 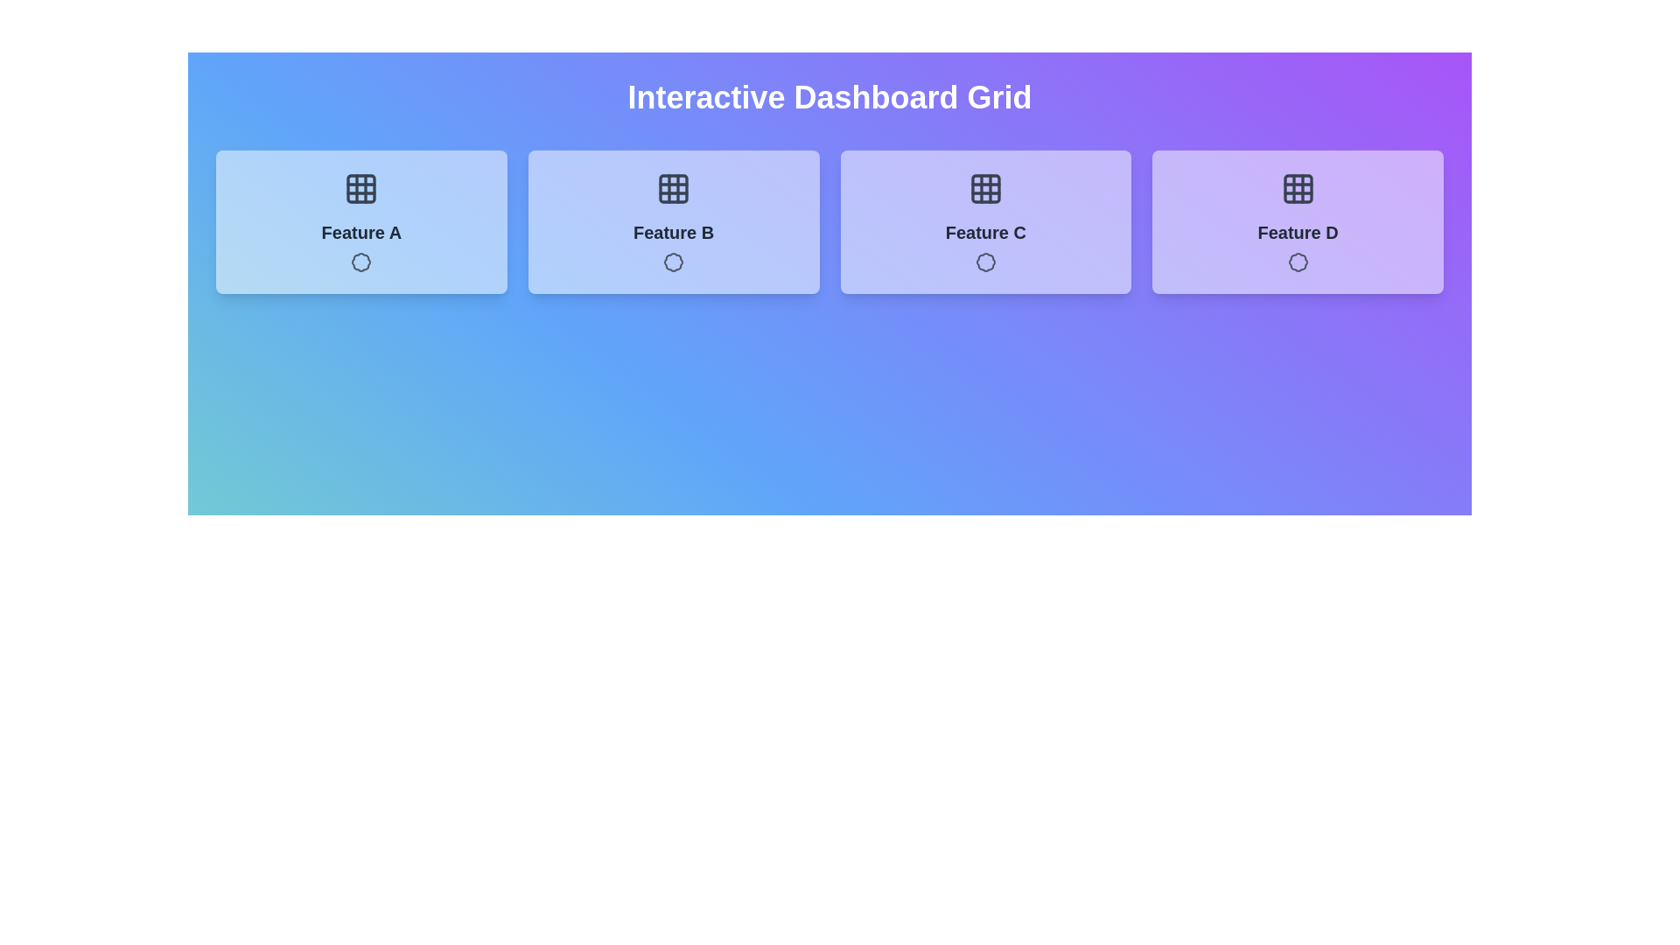 I want to click on the grid icon located at the top of the card labeled 'Feature B', which is the second card in a row of four cards, so click(x=673, y=189).